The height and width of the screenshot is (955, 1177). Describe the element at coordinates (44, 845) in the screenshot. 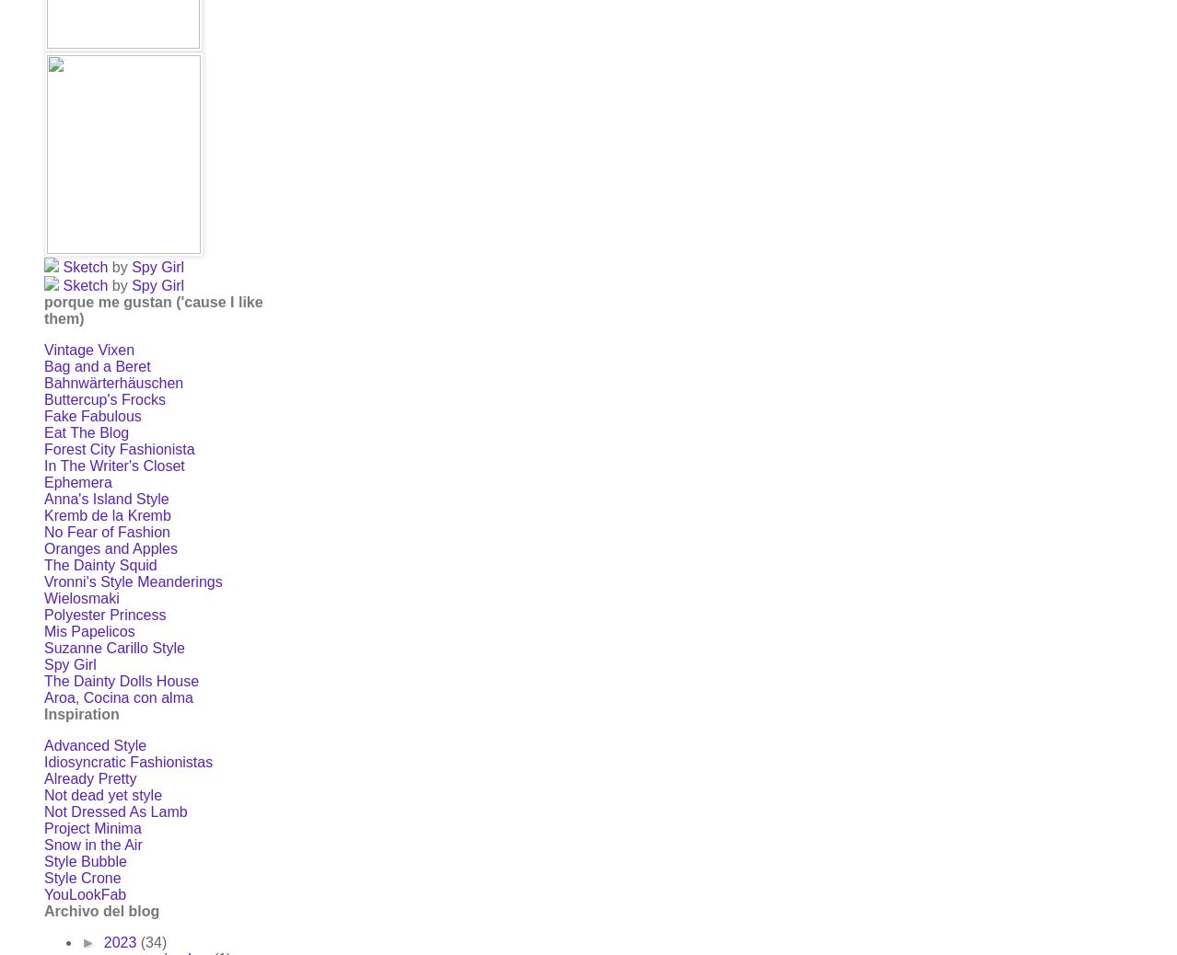

I see `'Snow in the Air'` at that location.